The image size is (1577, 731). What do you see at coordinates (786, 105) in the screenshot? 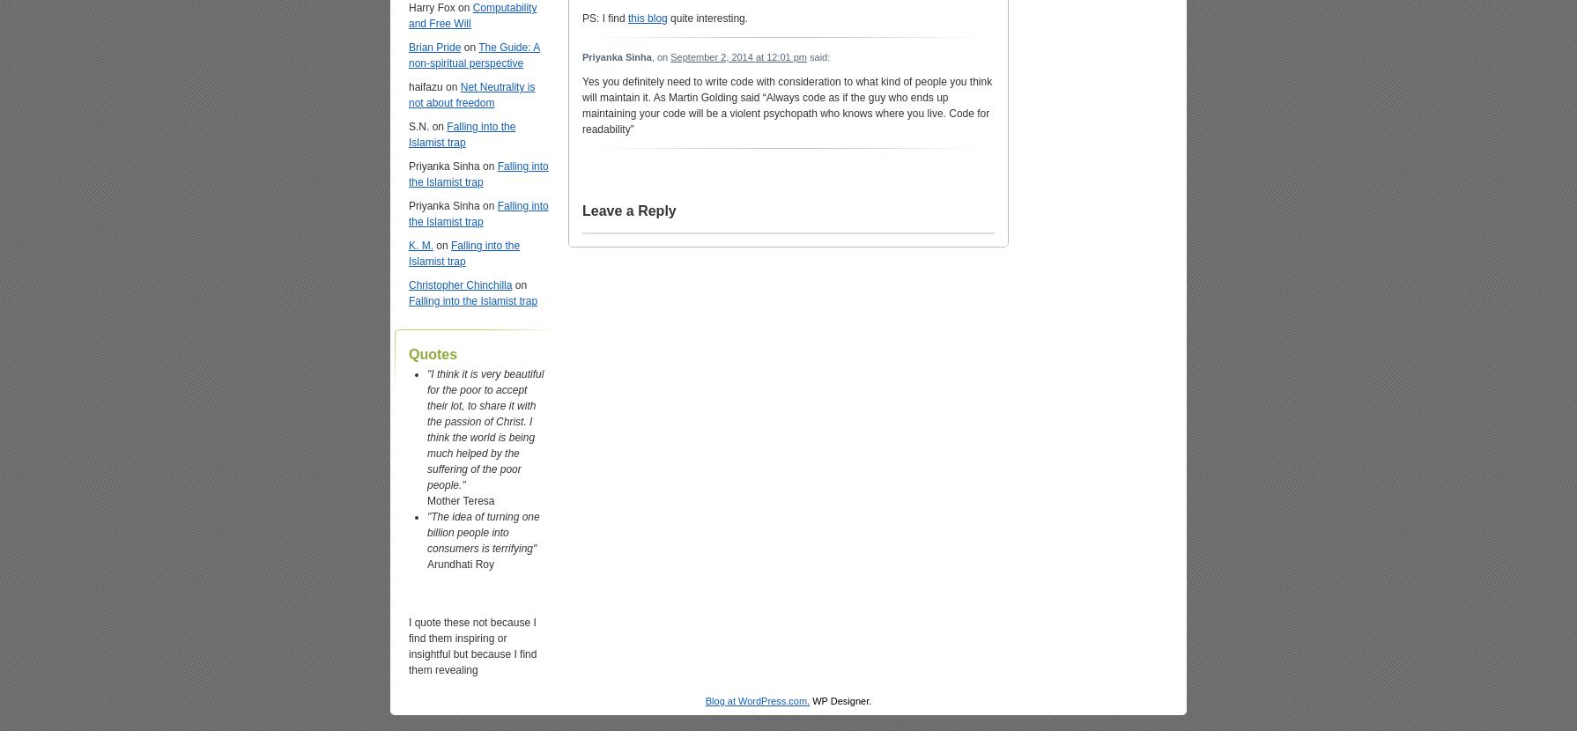
I see `'Yes you definitely need to write code with consideration to what kind of people you think will maintain it. As Martin Golding said “Always code as if the guy who ends up maintaining your code will be a violent psychopath who knows where you live. Code for readability”'` at bounding box center [786, 105].